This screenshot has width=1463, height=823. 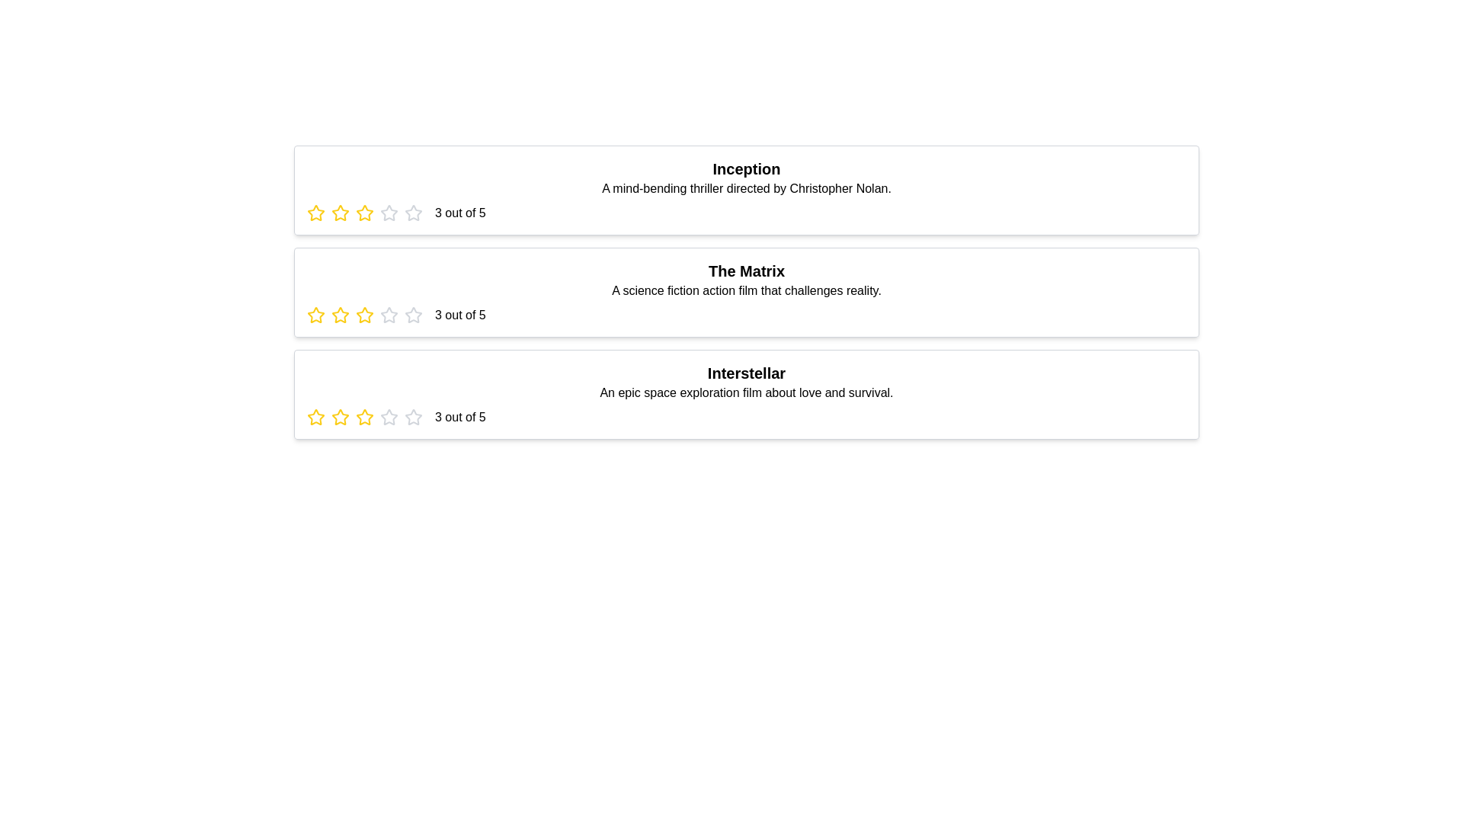 I want to click on the star corresponding to 2 stars for the movie titled The Matrix, so click(x=339, y=314).